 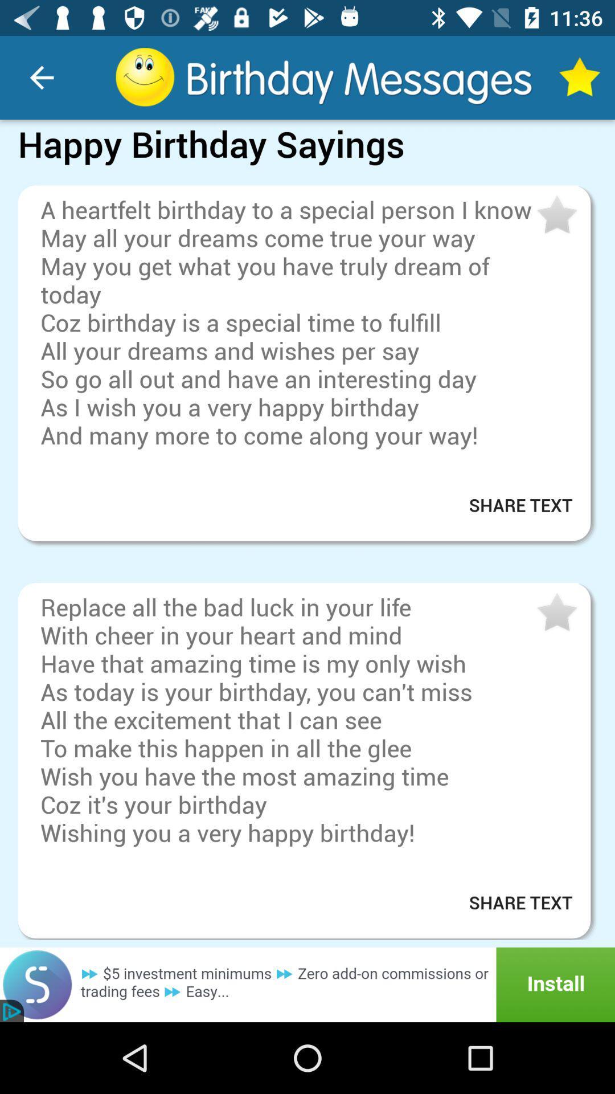 What do you see at coordinates (555, 612) in the screenshot?
I see `the message` at bounding box center [555, 612].